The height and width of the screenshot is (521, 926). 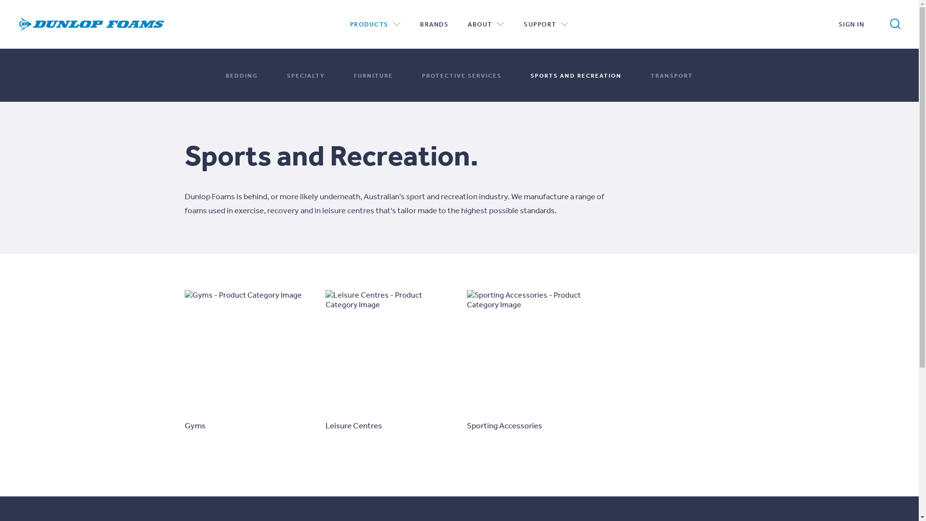 What do you see at coordinates (467, 24) in the screenshot?
I see `'ABOUT'` at bounding box center [467, 24].